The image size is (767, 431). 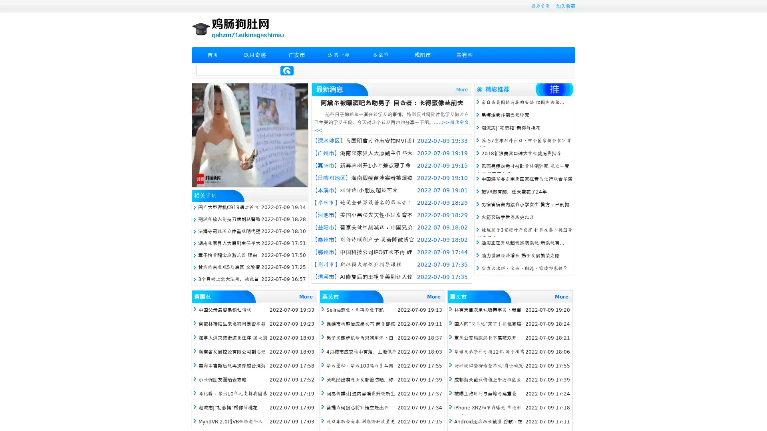 I want to click on Search, so click(x=287, y=70).